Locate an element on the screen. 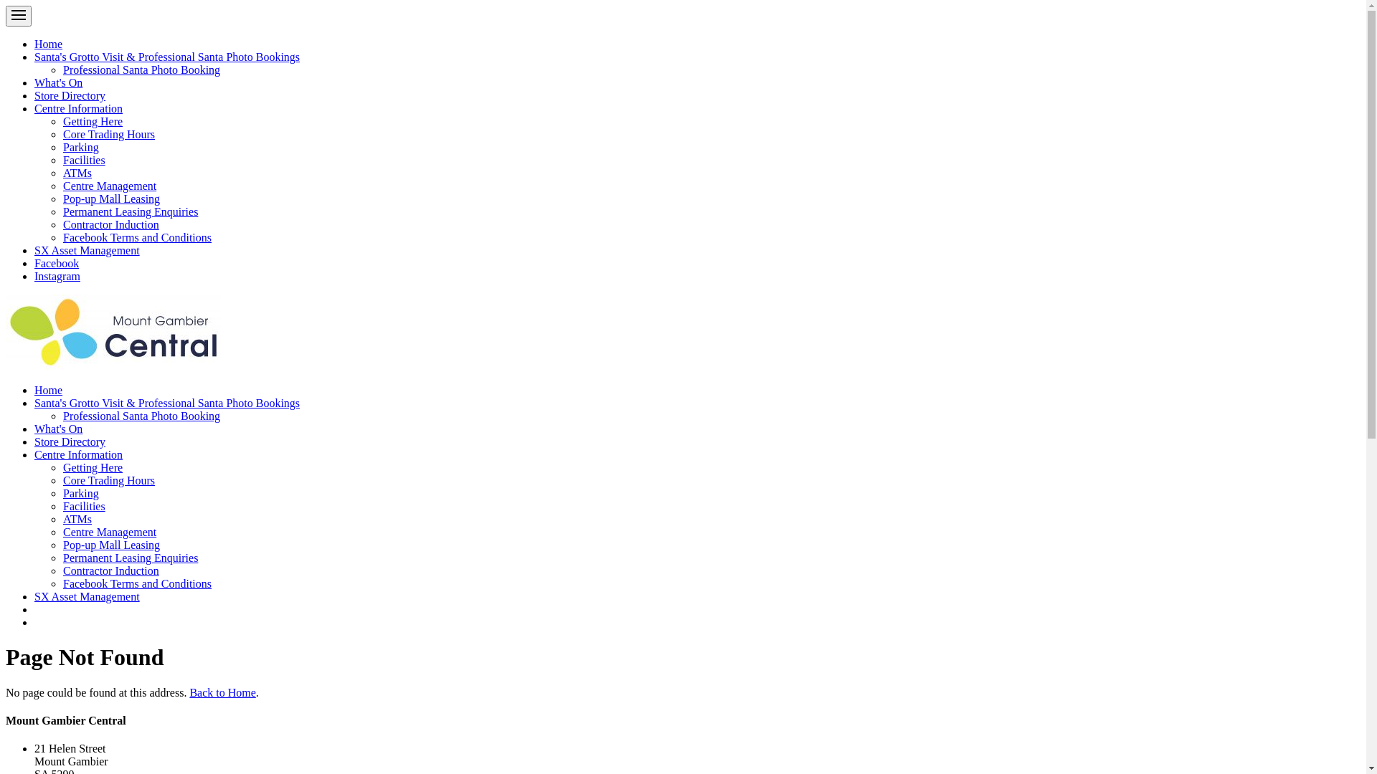 Image resolution: width=1377 pixels, height=774 pixels. 'Contractor Induction' is located at coordinates (110, 570).